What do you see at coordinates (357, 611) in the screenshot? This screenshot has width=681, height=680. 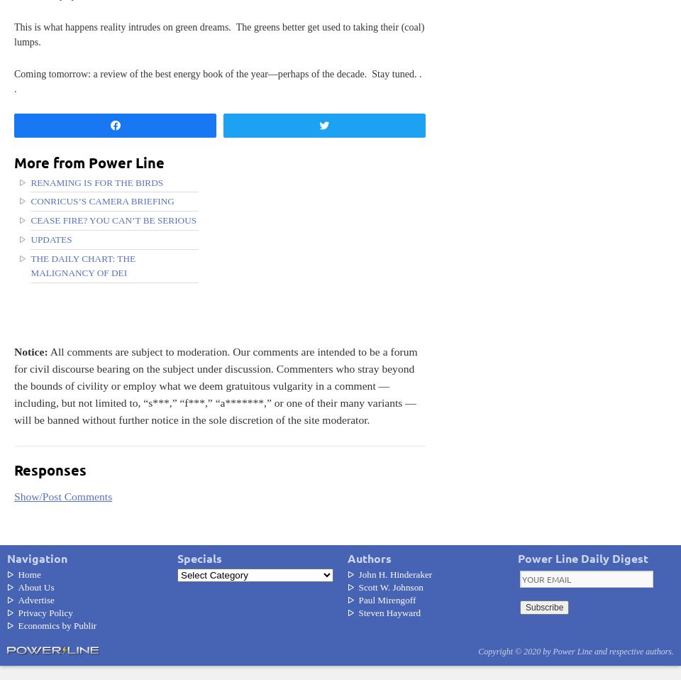 I see `'Steven Hayward'` at bounding box center [357, 611].